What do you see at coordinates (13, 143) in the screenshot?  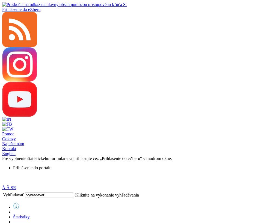 I see `'Napíšte nám'` at bounding box center [13, 143].